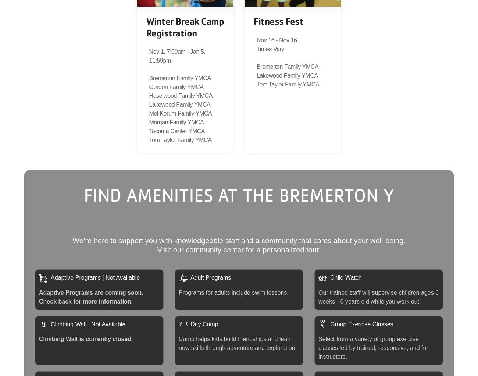 This screenshot has height=376, width=478. Describe the element at coordinates (256, 39) in the screenshot. I see `'Nov 16 - Nov 16'` at that location.